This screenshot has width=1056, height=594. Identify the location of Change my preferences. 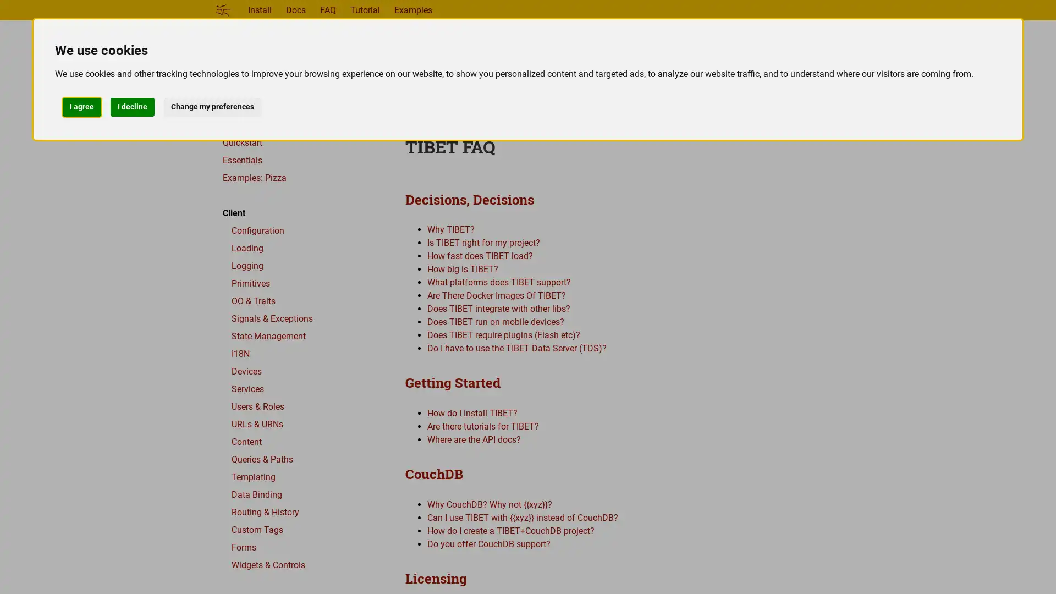
(212, 106).